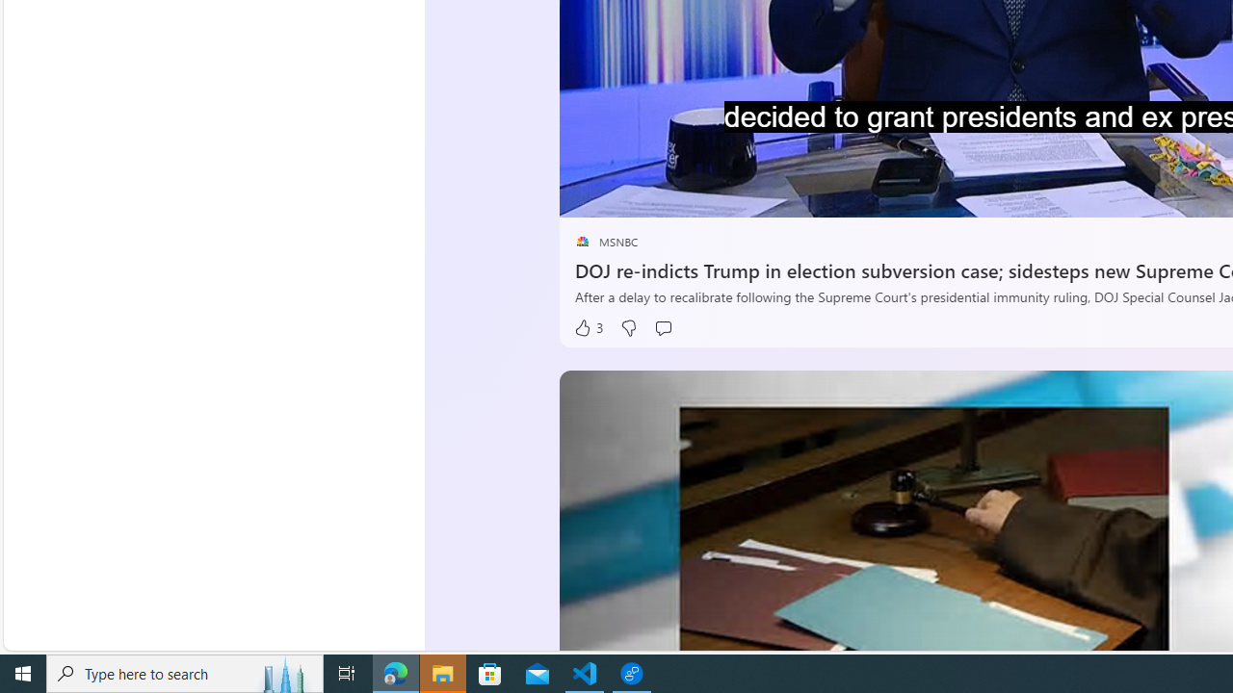 This screenshot has width=1233, height=693. Describe the element at coordinates (605, 241) in the screenshot. I see `'placeholder MSNBC'` at that location.